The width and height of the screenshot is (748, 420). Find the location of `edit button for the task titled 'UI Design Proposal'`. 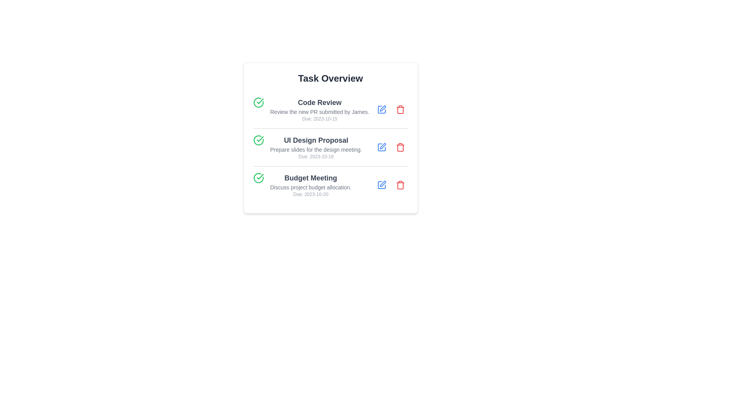

edit button for the task titled 'UI Design Proposal' is located at coordinates (381, 147).